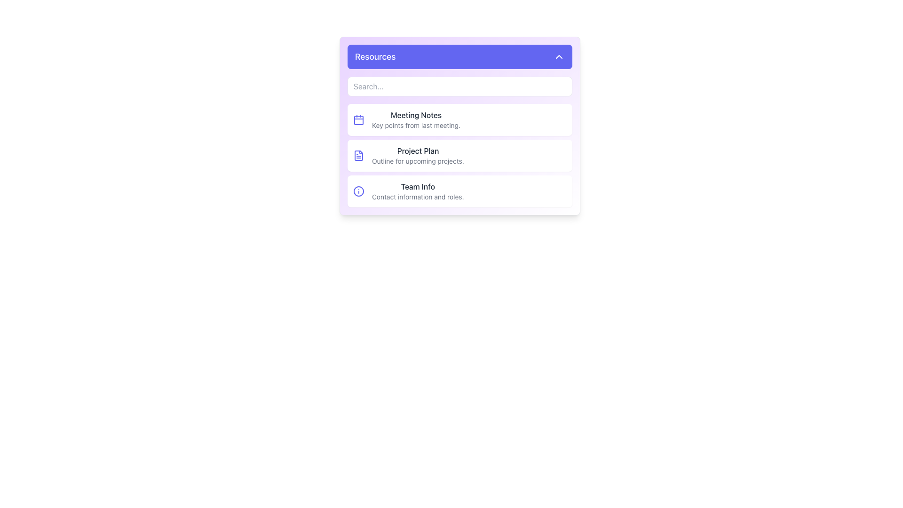 The width and height of the screenshot is (903, 508). What do you see at coordinates (417, 197) in the screenshot?
I see `text label displaying 'Contact information and roles.' which is positioned below the 'Team Info' label in the resource section` at bounding box center [417, 197].